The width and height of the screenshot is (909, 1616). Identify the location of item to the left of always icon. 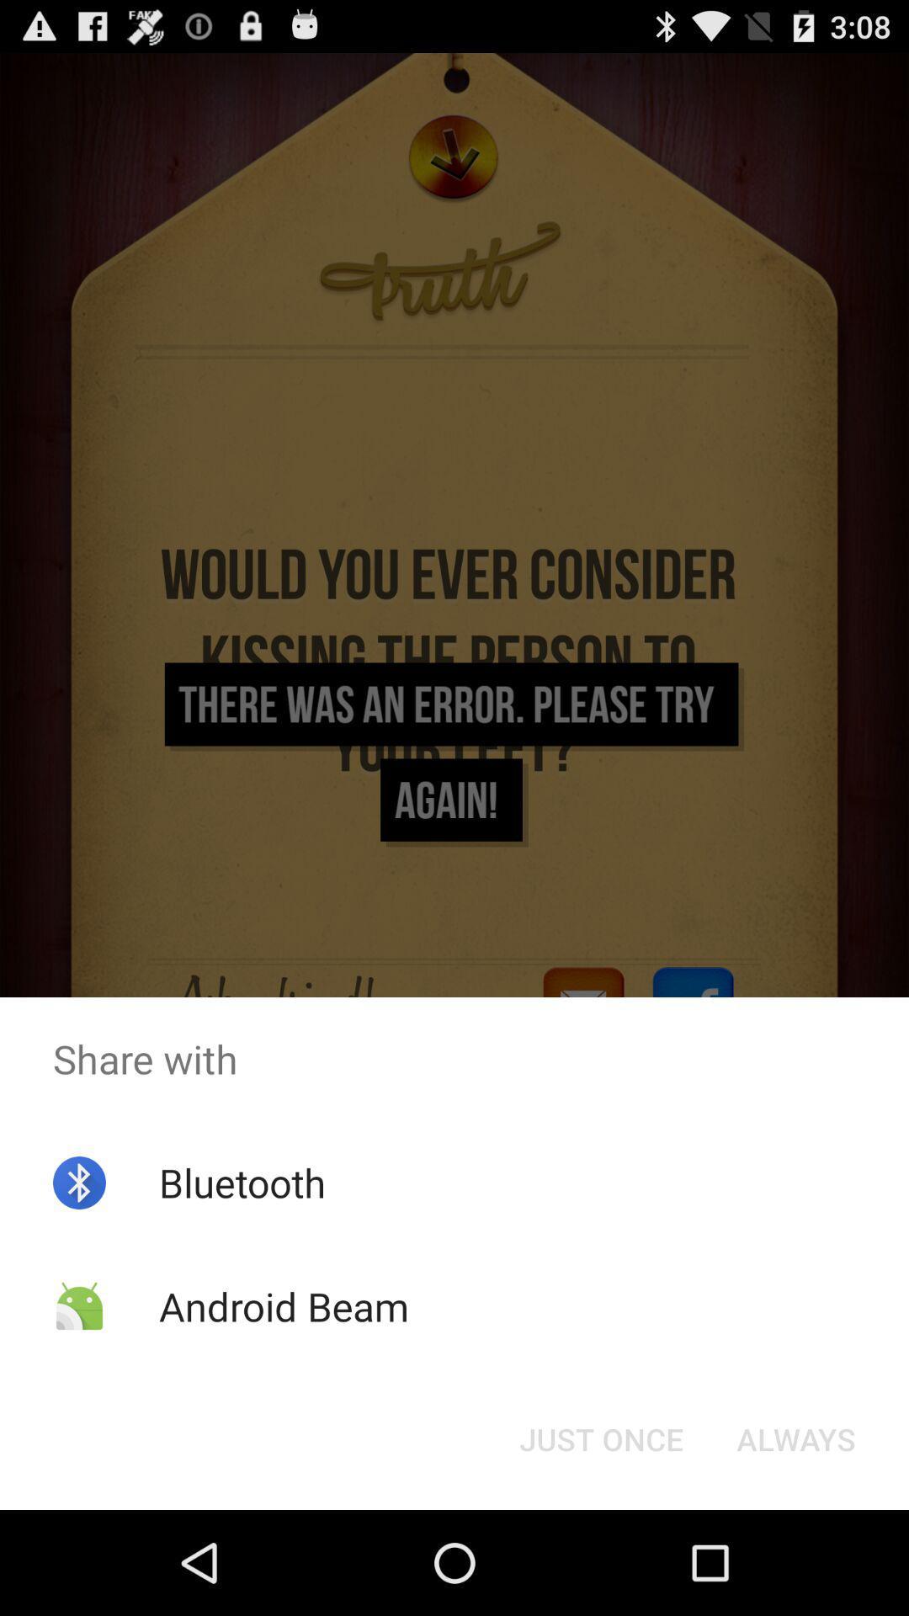
(600, 1438).